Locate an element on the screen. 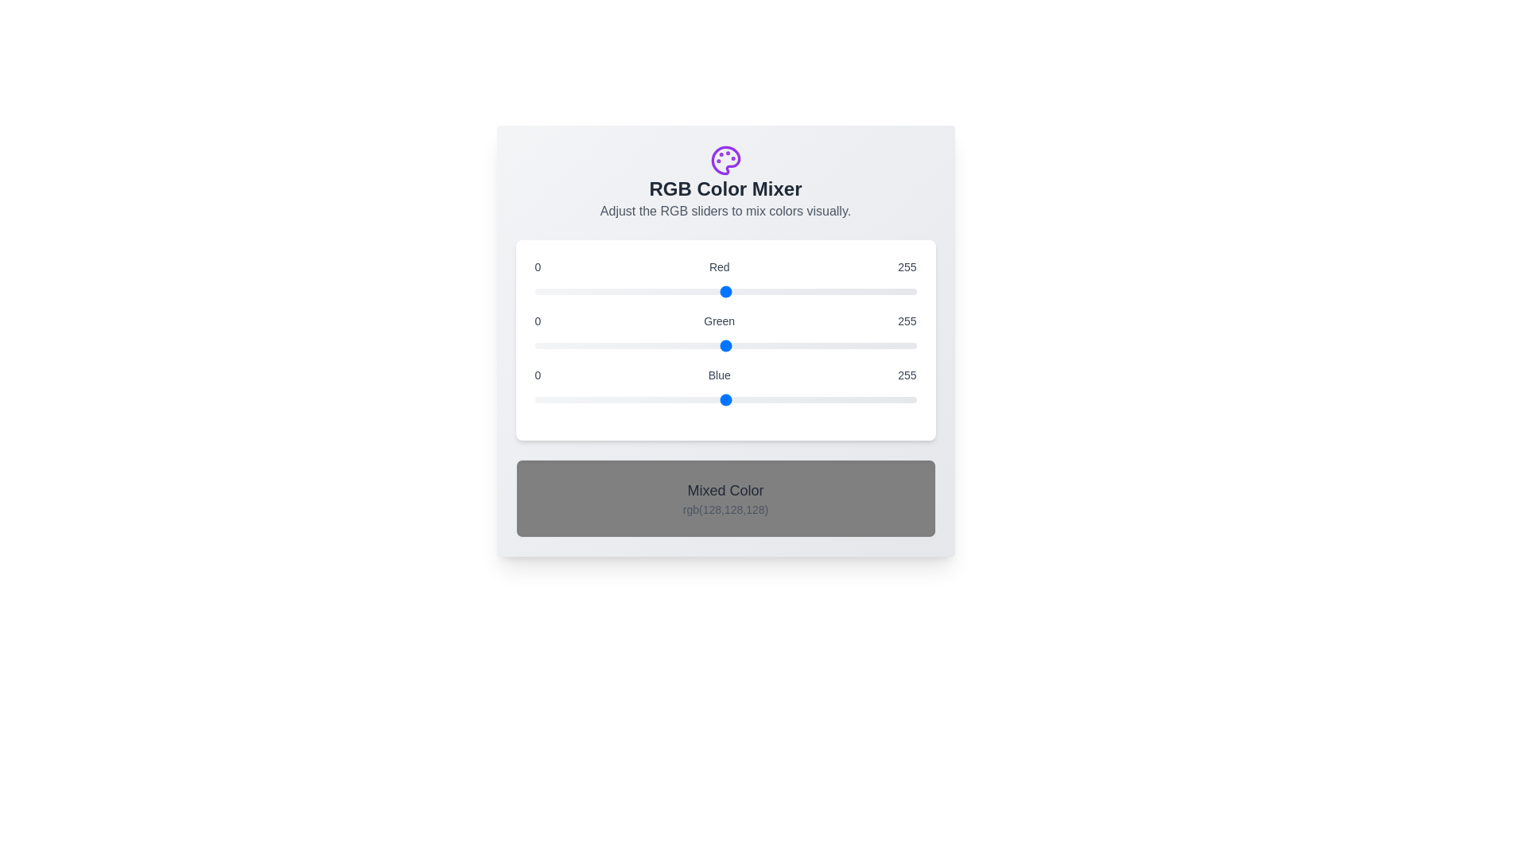  the blue slider to a specific value 182 within the range 0 to 255 is located at coordinates (807, 398).